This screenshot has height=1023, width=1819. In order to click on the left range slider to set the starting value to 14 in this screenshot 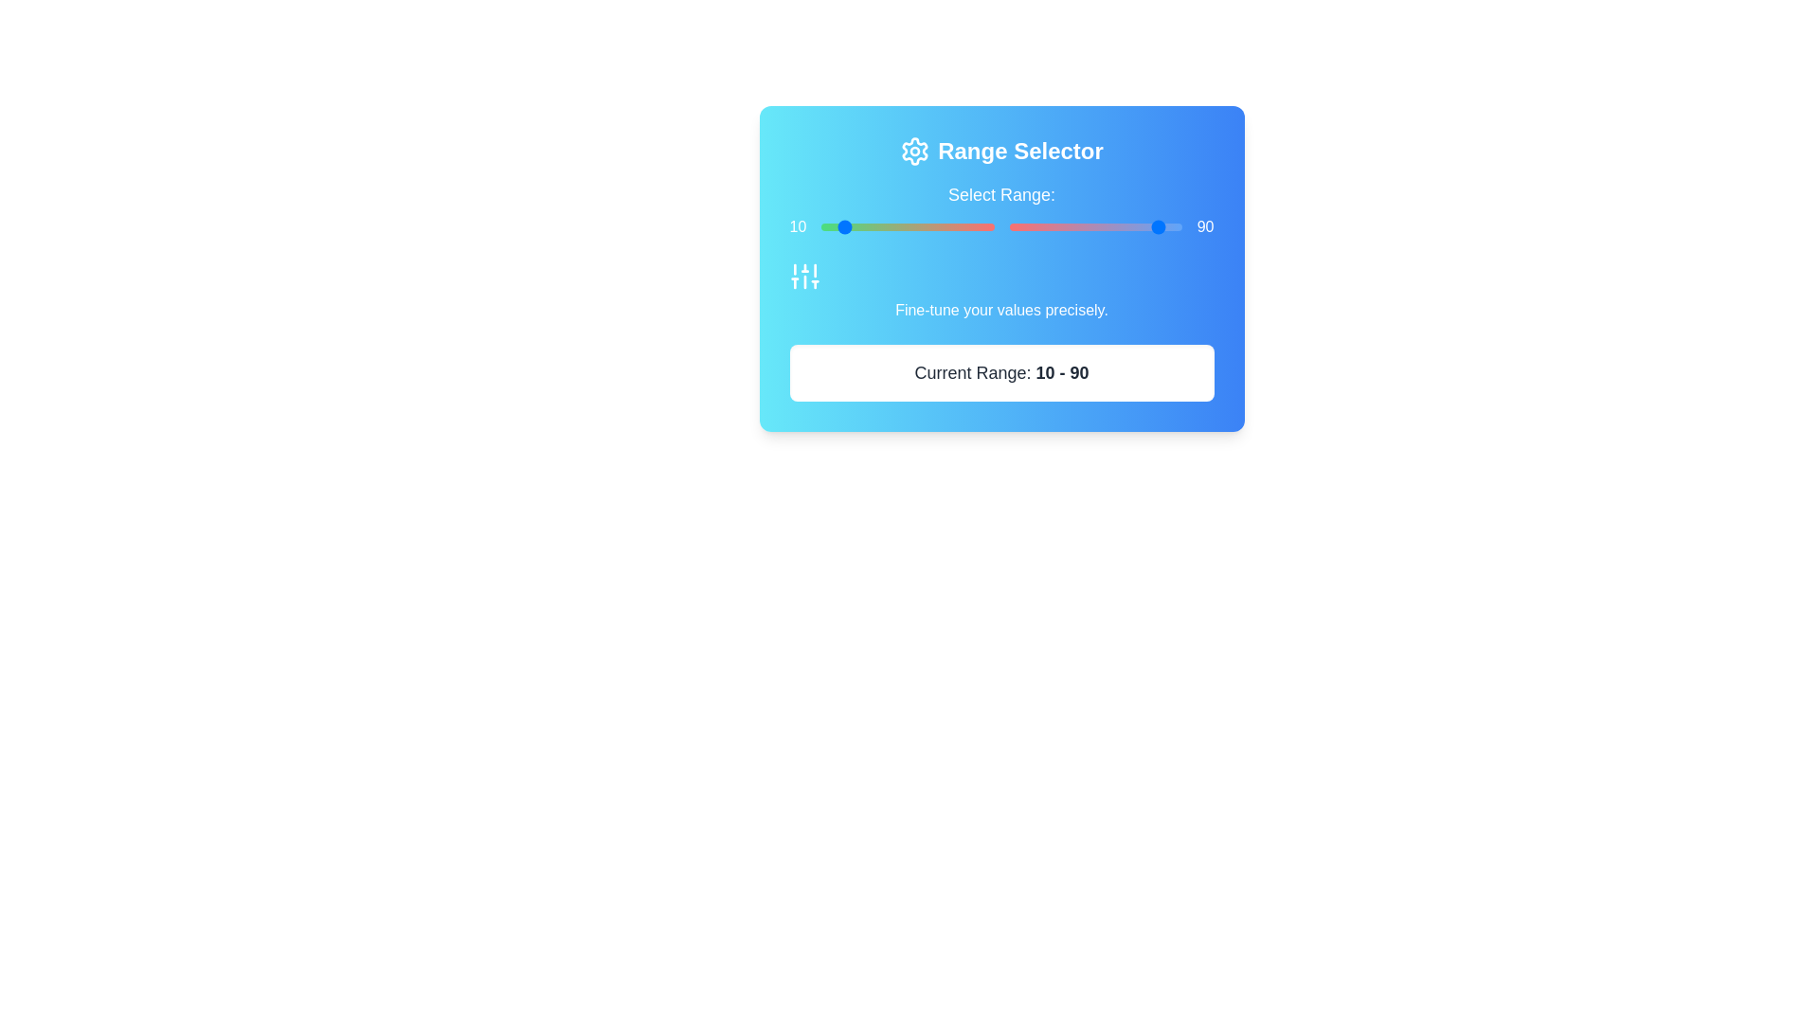, I will do `click(844, 225)`.